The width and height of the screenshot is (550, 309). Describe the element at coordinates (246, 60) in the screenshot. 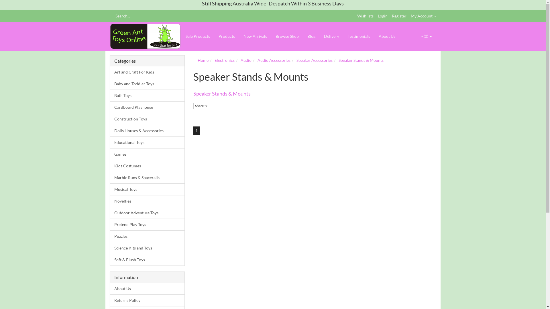

I see `'Audio'` at that location.